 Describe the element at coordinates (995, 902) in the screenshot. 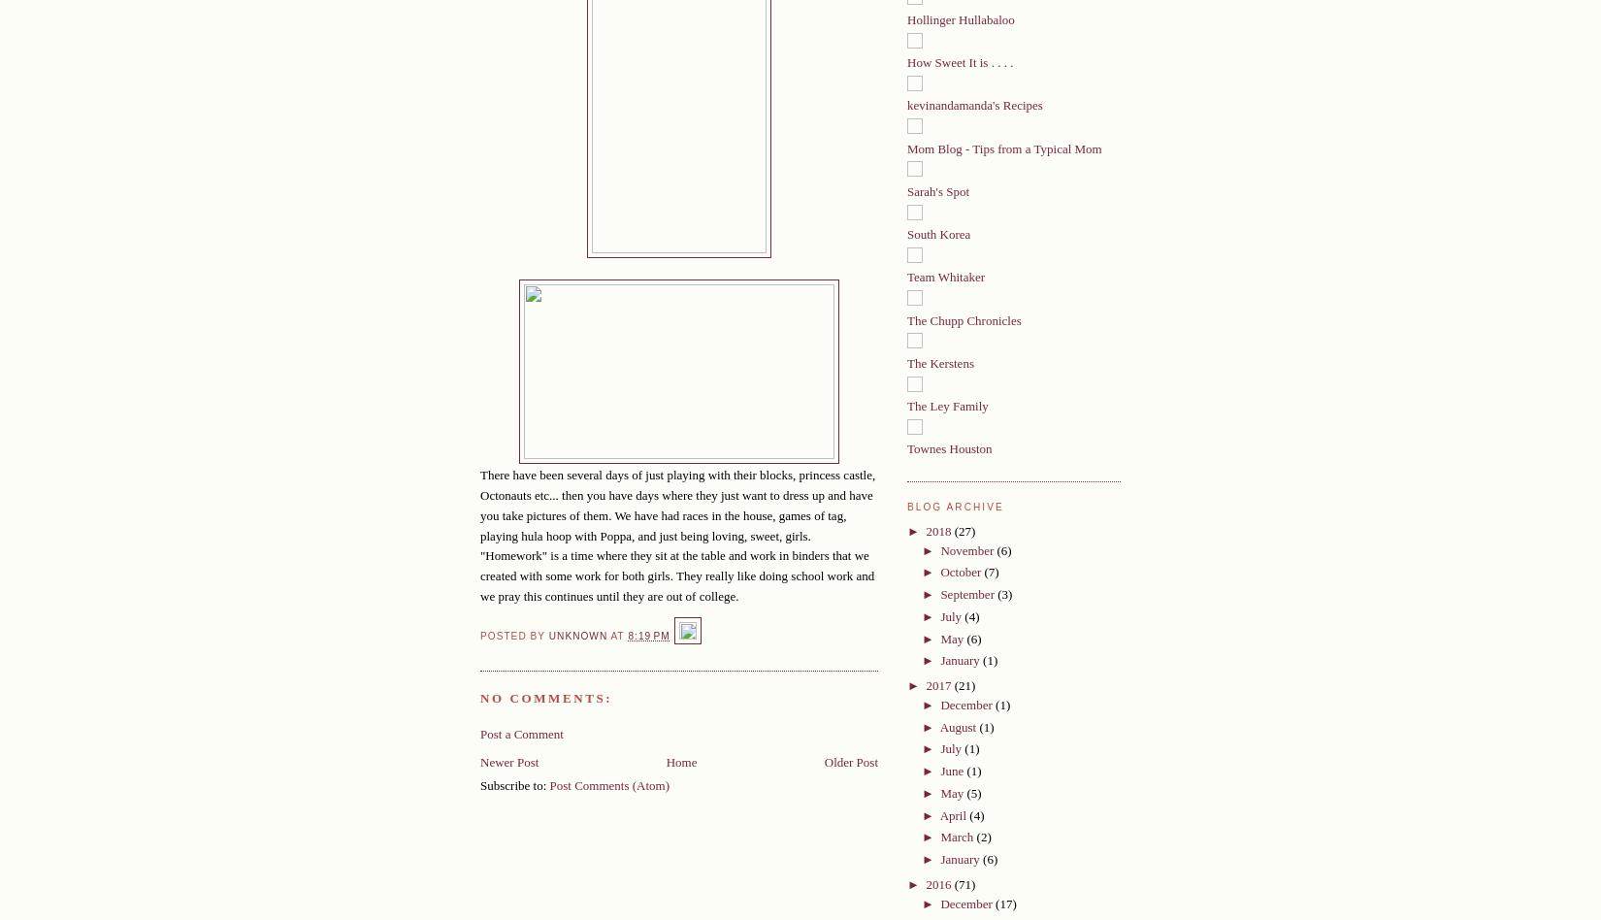

I see `'(17)'` at that location.